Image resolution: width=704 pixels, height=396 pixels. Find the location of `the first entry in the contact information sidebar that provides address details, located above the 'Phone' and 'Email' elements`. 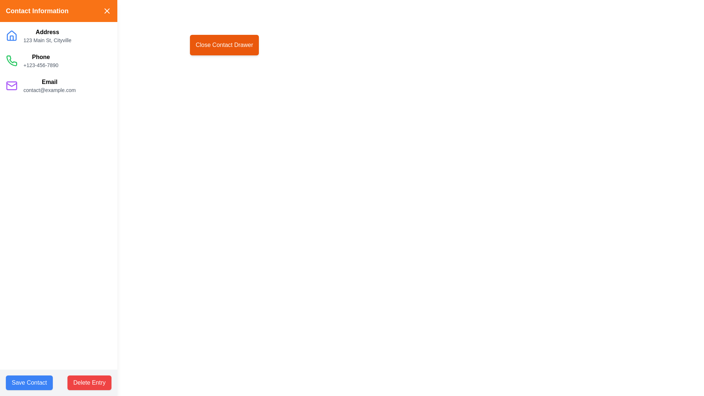

the first entry in the contact information sidebar that provides address details, located above the 'Phone' and 'Email' elements is located at coordinates (58, 36).